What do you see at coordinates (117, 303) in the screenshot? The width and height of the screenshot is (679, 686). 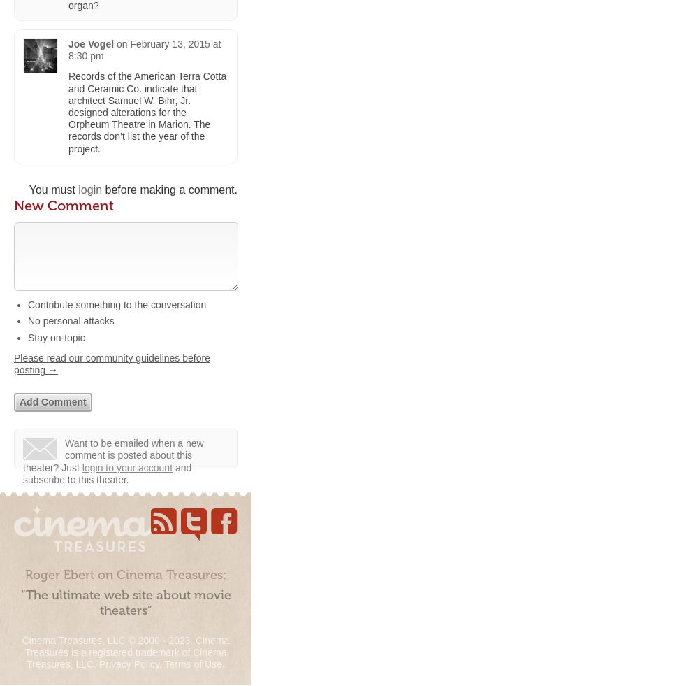 I see `'Contribute something to the conversation'` at bounding box center [117, 303].